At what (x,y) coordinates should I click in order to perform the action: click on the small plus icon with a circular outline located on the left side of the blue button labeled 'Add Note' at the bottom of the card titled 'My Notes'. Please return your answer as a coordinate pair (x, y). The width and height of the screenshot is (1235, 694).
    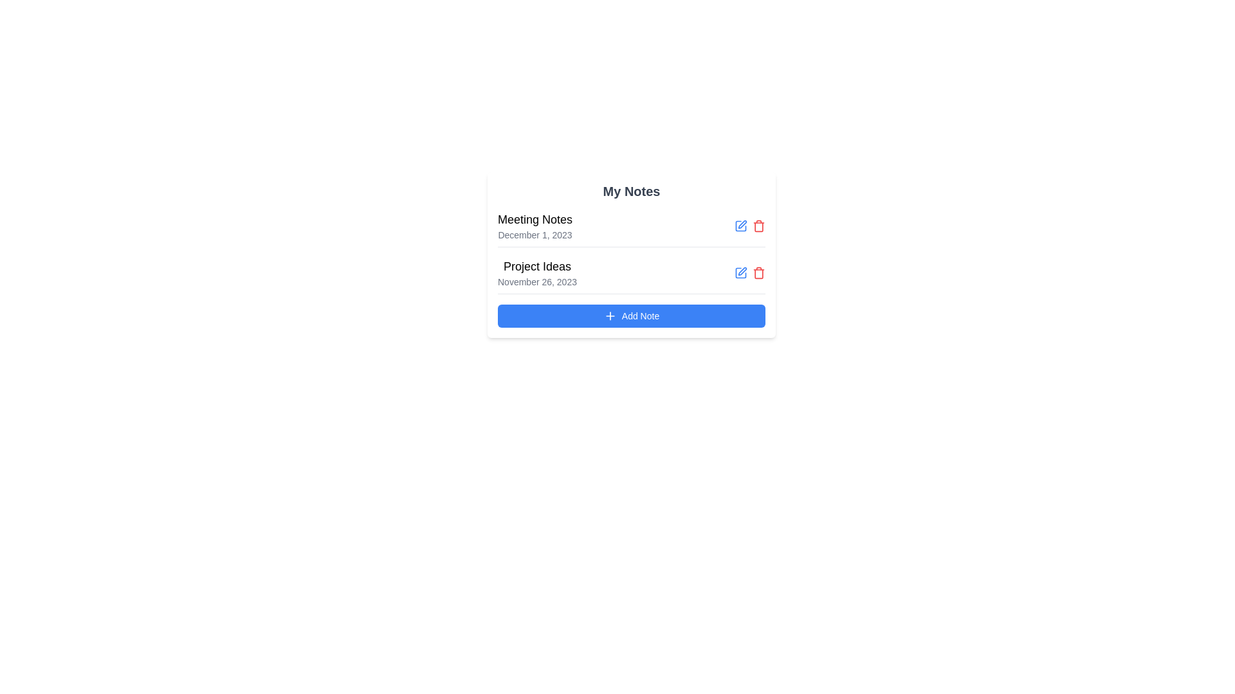
    Looking at the image, I should click on (609, 316).